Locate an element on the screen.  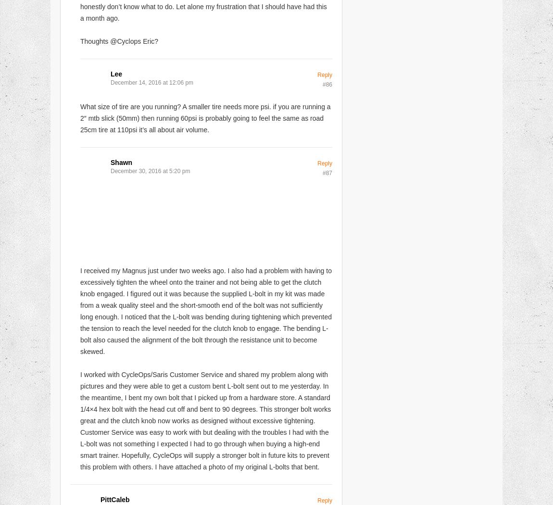
'PittCaleb' is located at coordinates (114, 499).